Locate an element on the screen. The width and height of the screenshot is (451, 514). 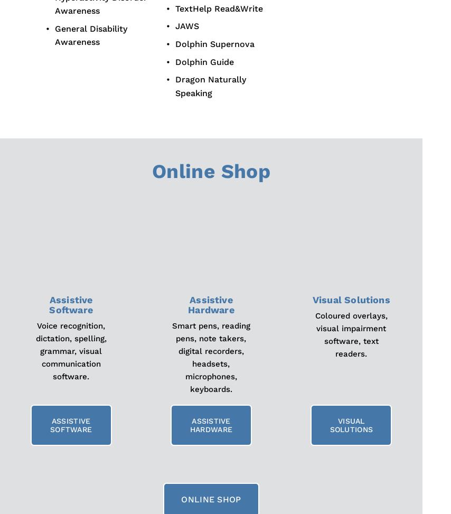
'Online Shop' is located at coordinates (211, 171).